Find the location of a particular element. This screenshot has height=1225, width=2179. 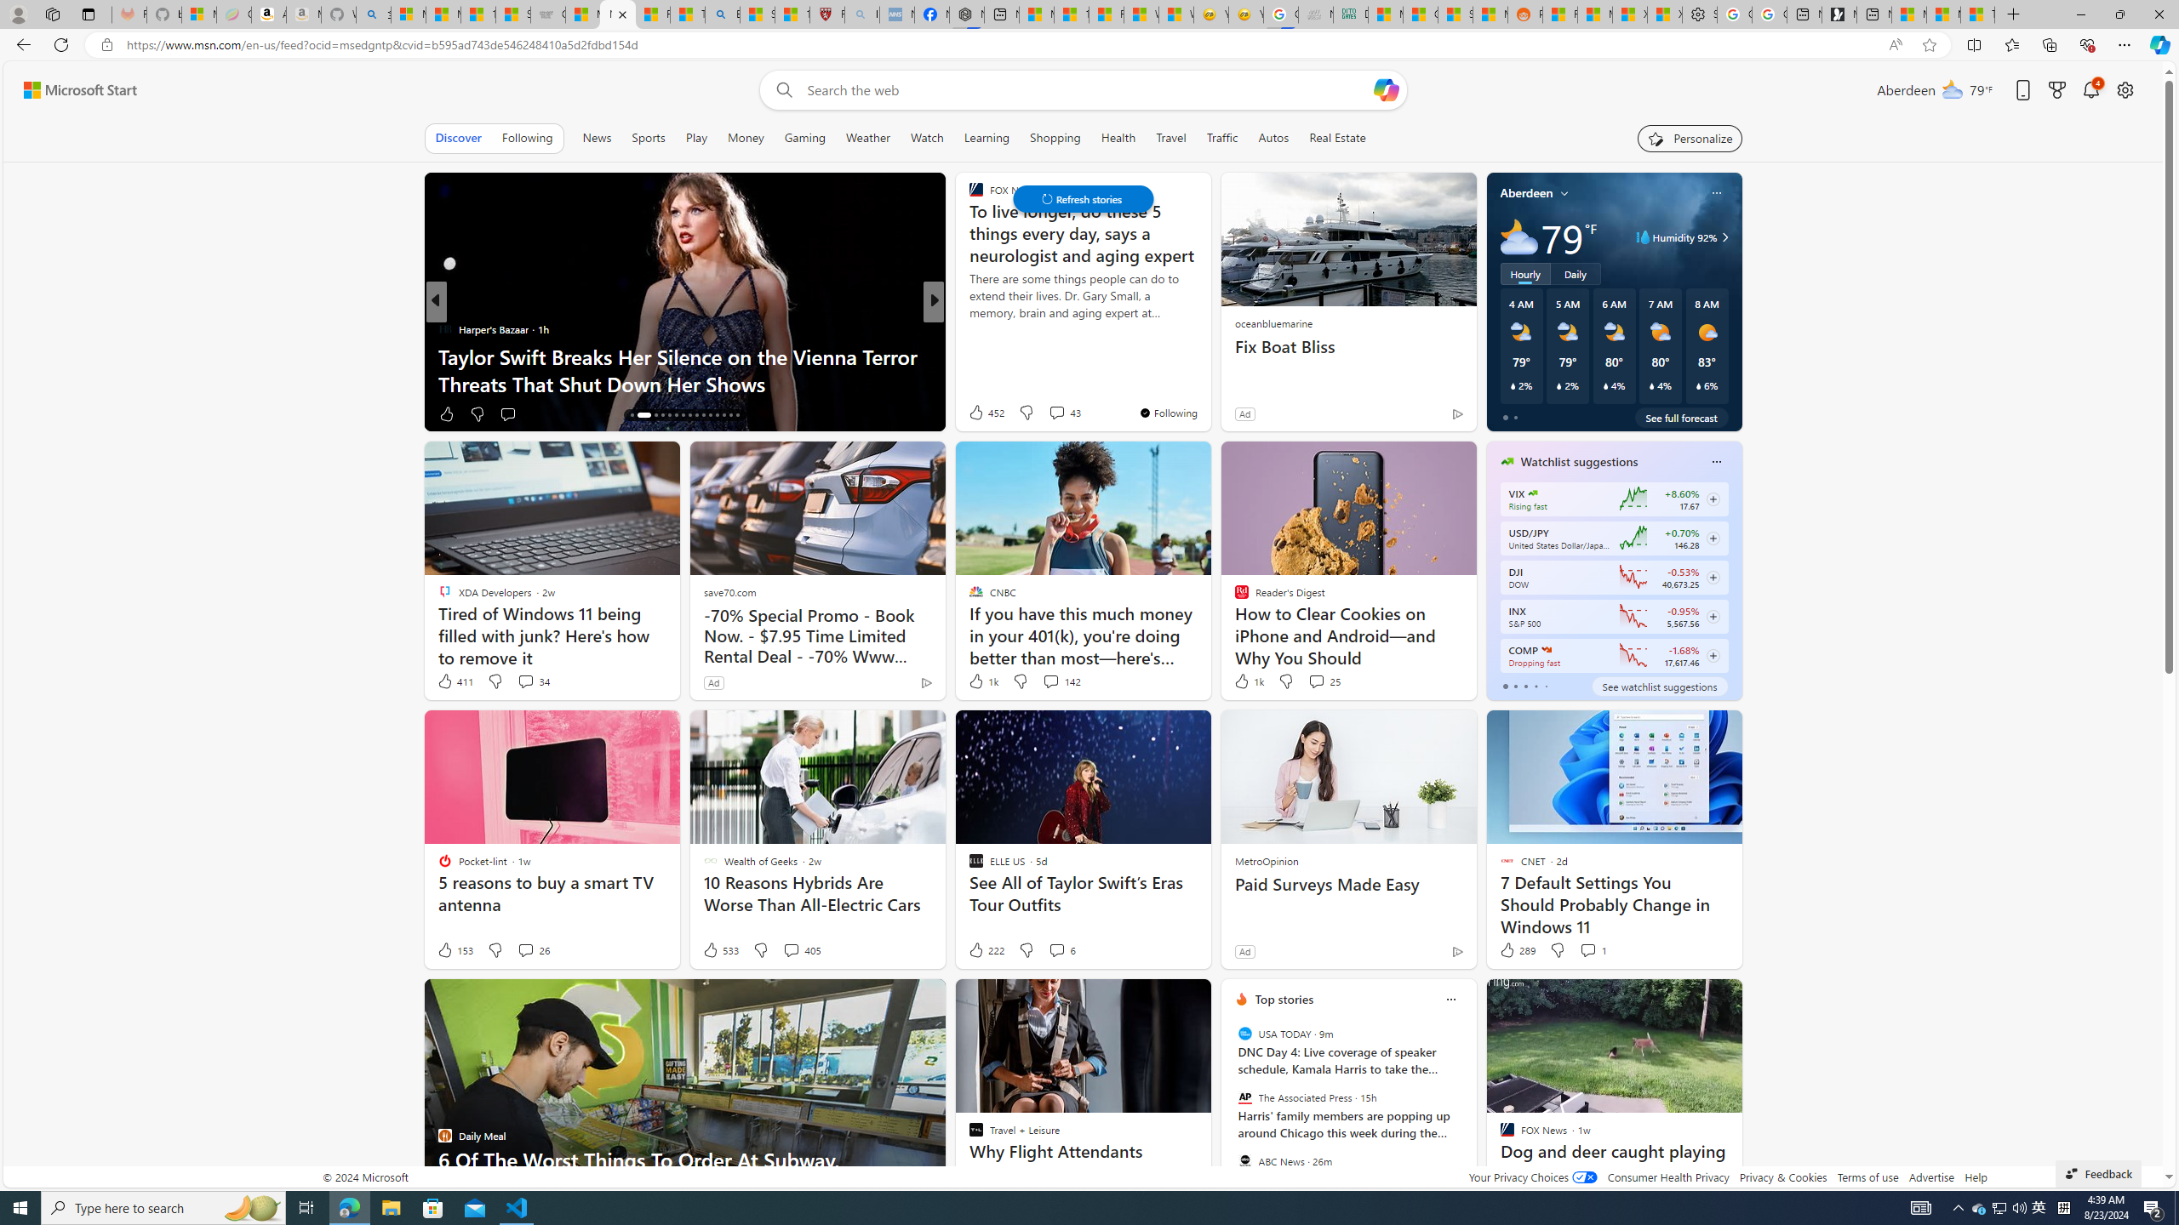

'View comments 89 Comment' is located at coordinates (1051, 413).